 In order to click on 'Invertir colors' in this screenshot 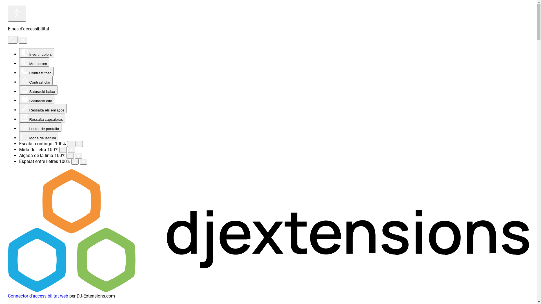, I will do `click(36, 53)`.